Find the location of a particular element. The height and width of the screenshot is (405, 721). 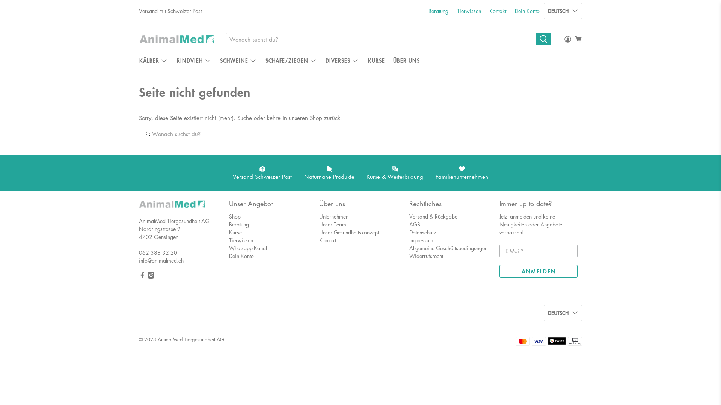

'info@animalmed.ch' is located at coordinates (161, 260).